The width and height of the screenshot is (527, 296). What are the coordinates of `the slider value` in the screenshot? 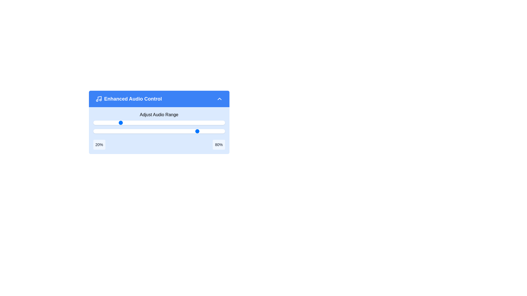 It's located at (165, 122).